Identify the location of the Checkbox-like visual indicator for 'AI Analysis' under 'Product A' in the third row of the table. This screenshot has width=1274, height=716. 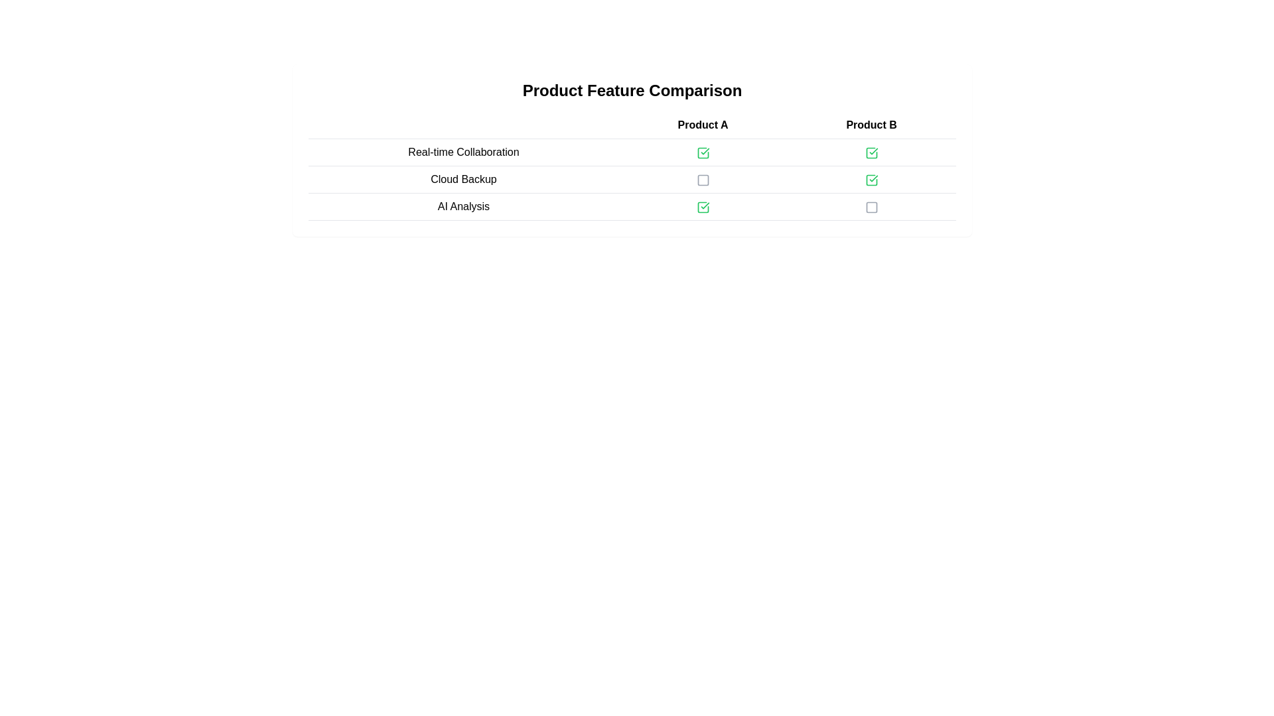
(702, 207).